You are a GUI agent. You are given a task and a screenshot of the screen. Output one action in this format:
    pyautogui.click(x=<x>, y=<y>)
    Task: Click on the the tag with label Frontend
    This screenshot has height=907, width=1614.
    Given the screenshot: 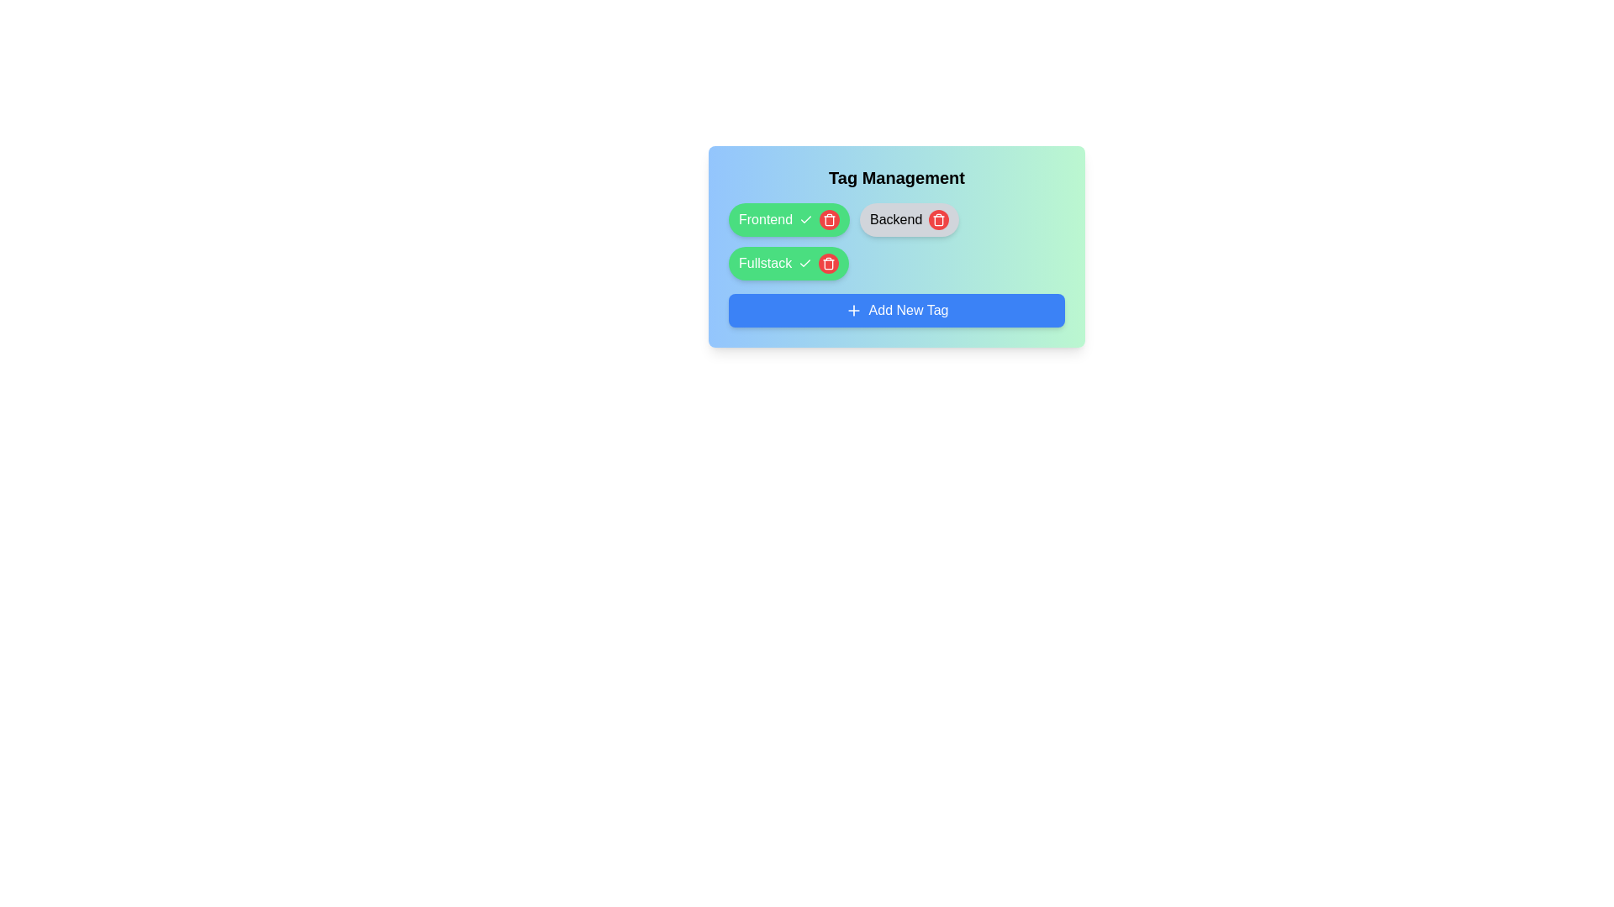 What is the action you would take?
    pyautogui.click(x=830, y=219)
    